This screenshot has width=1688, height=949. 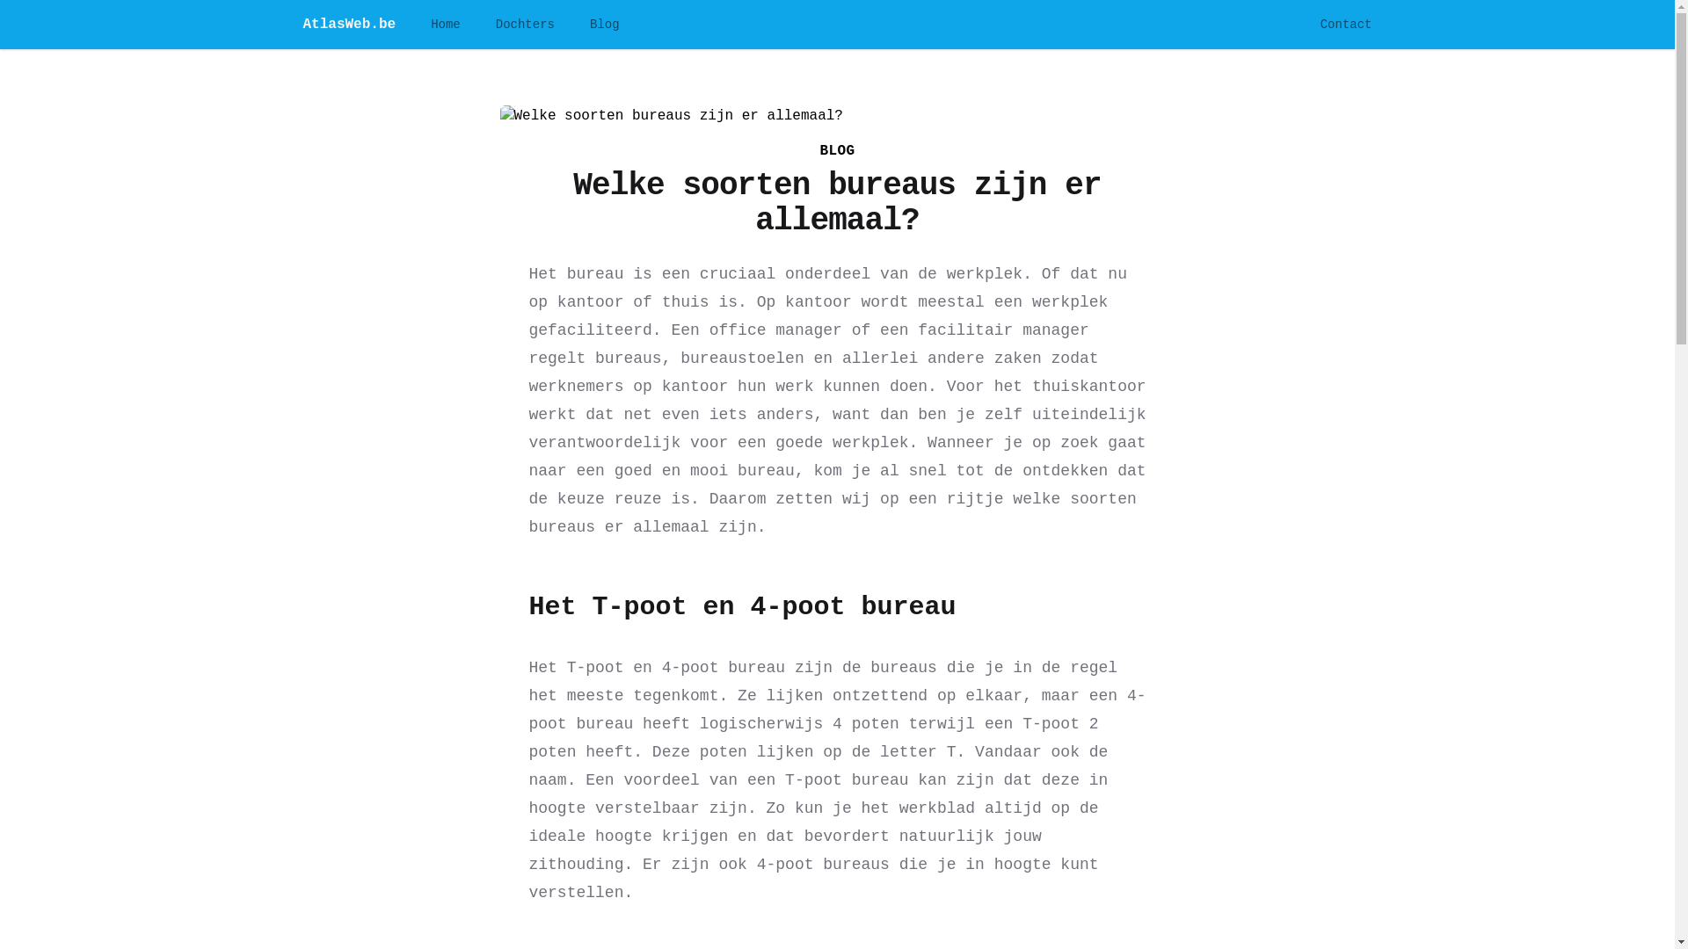 I want to click on 'AtlasWeb.be', so click(x=349, y=24).